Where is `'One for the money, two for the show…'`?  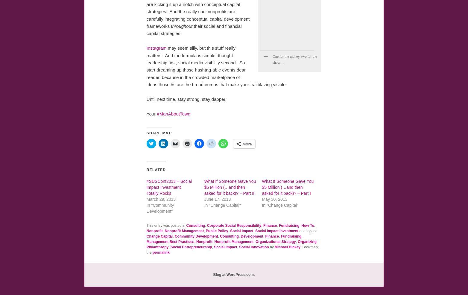 'One for the money, two for the show…' is located at coordinates (273, 59).